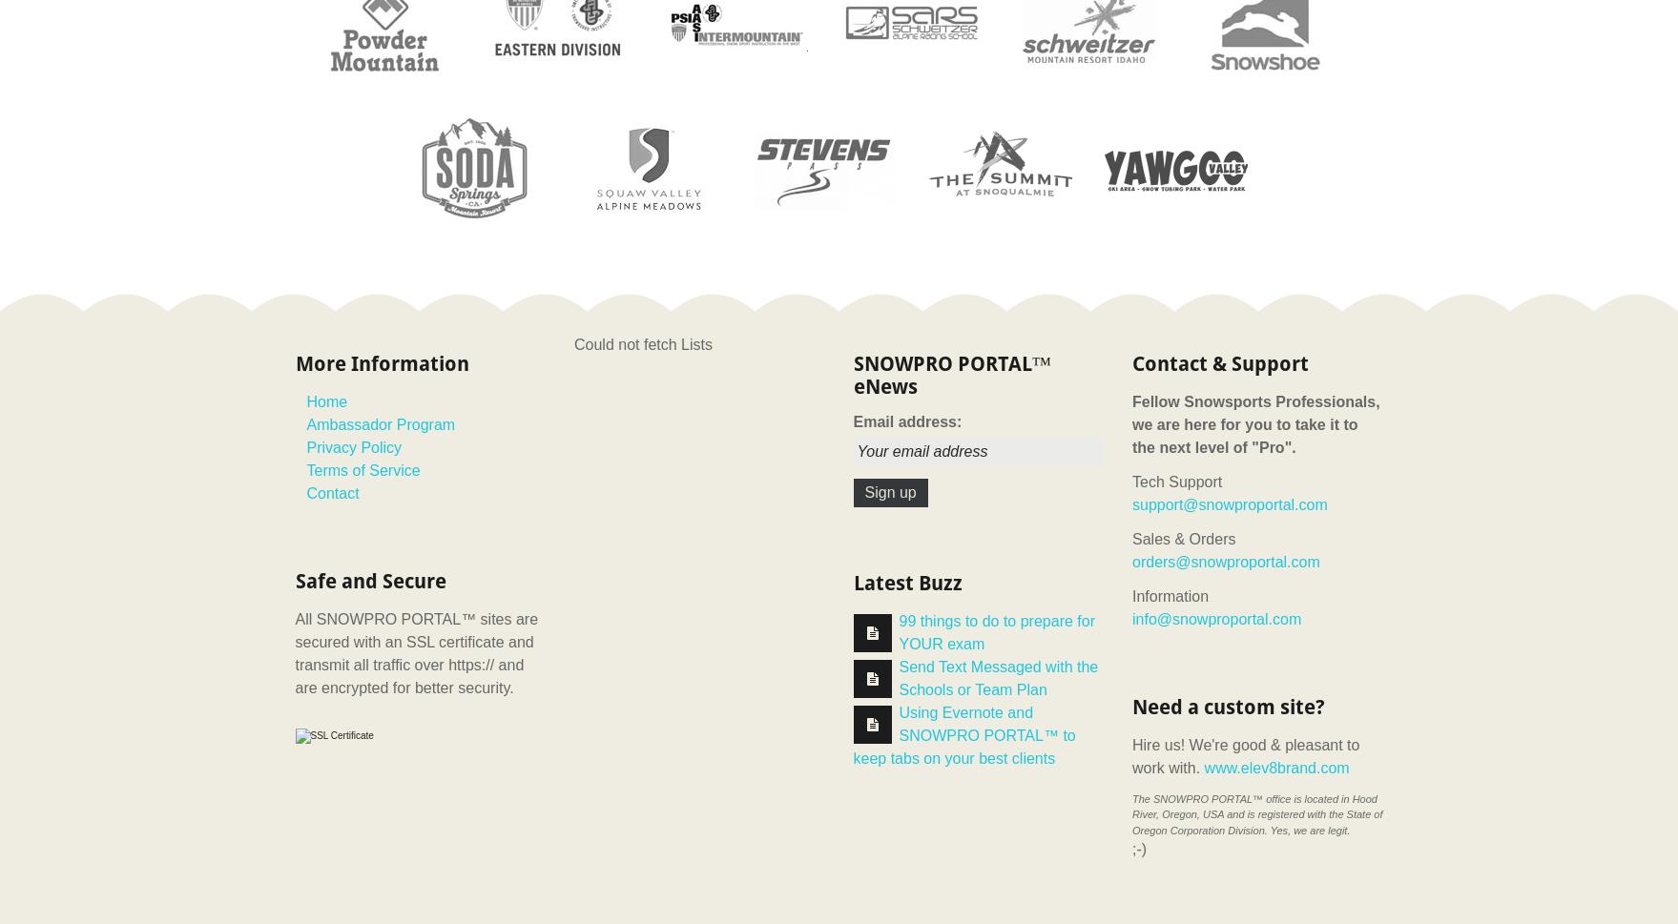 The width and height of the screenshot is (1678, 924). Describe the element at coordinates (1139, 849) in the screenshot. I see `';-)'` at that location.